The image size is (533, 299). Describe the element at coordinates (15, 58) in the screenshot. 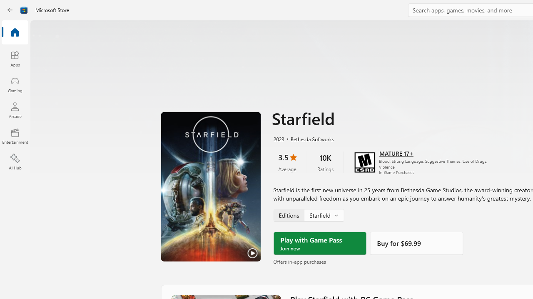

I see `'Apps'` at that location.